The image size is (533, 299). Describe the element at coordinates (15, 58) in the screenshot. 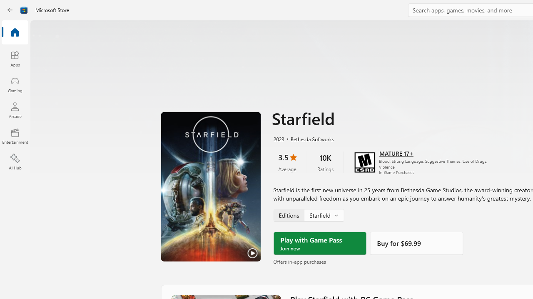

I see `'Apps'` at that location.